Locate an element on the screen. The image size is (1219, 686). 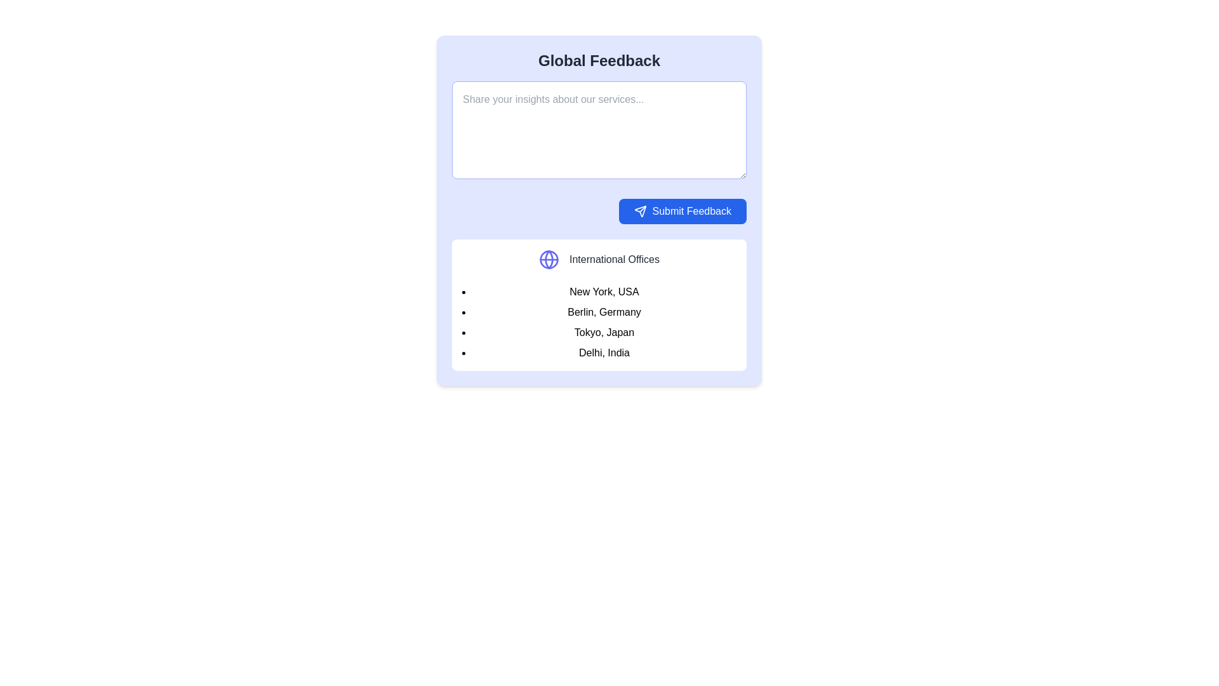
the text label 'International Offices', which is styled in gray color and located next to a globe icon in the bottom part of the blue feedback card is located at coordinates (615, 259).